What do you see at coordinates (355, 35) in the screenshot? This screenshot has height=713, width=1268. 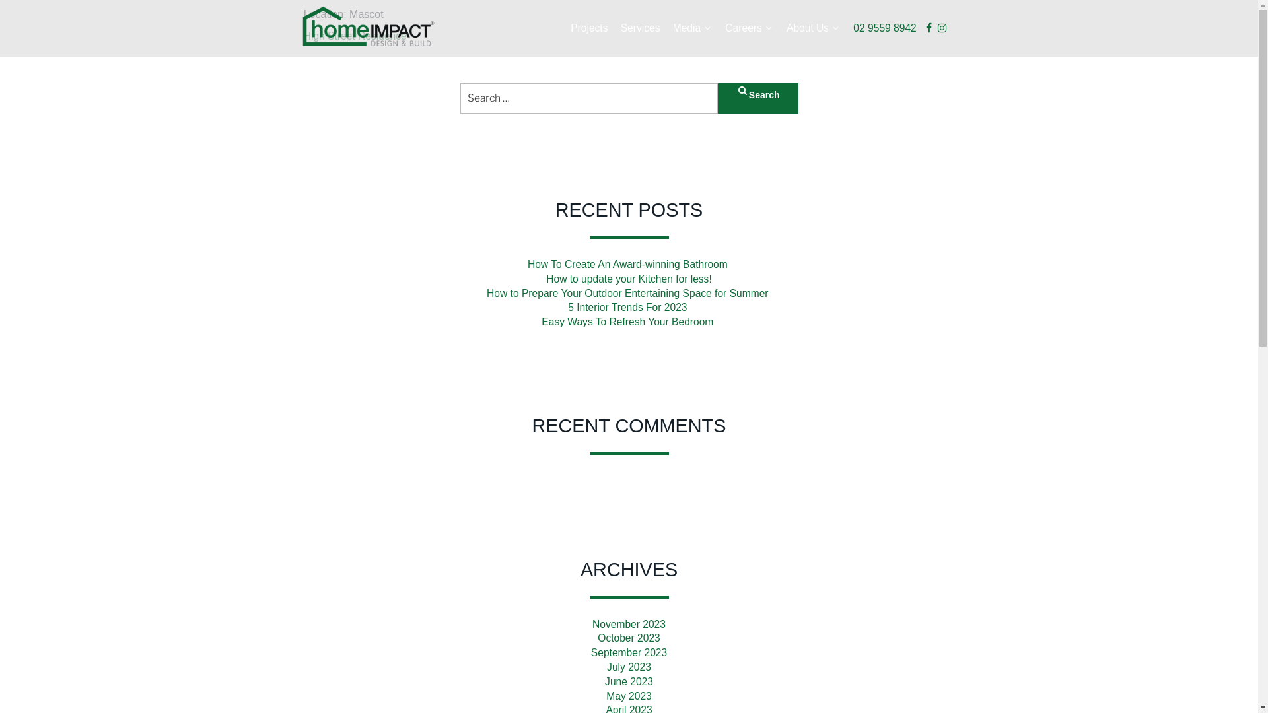 I see `'High Street Residence'` at bounding box center [355, 35].